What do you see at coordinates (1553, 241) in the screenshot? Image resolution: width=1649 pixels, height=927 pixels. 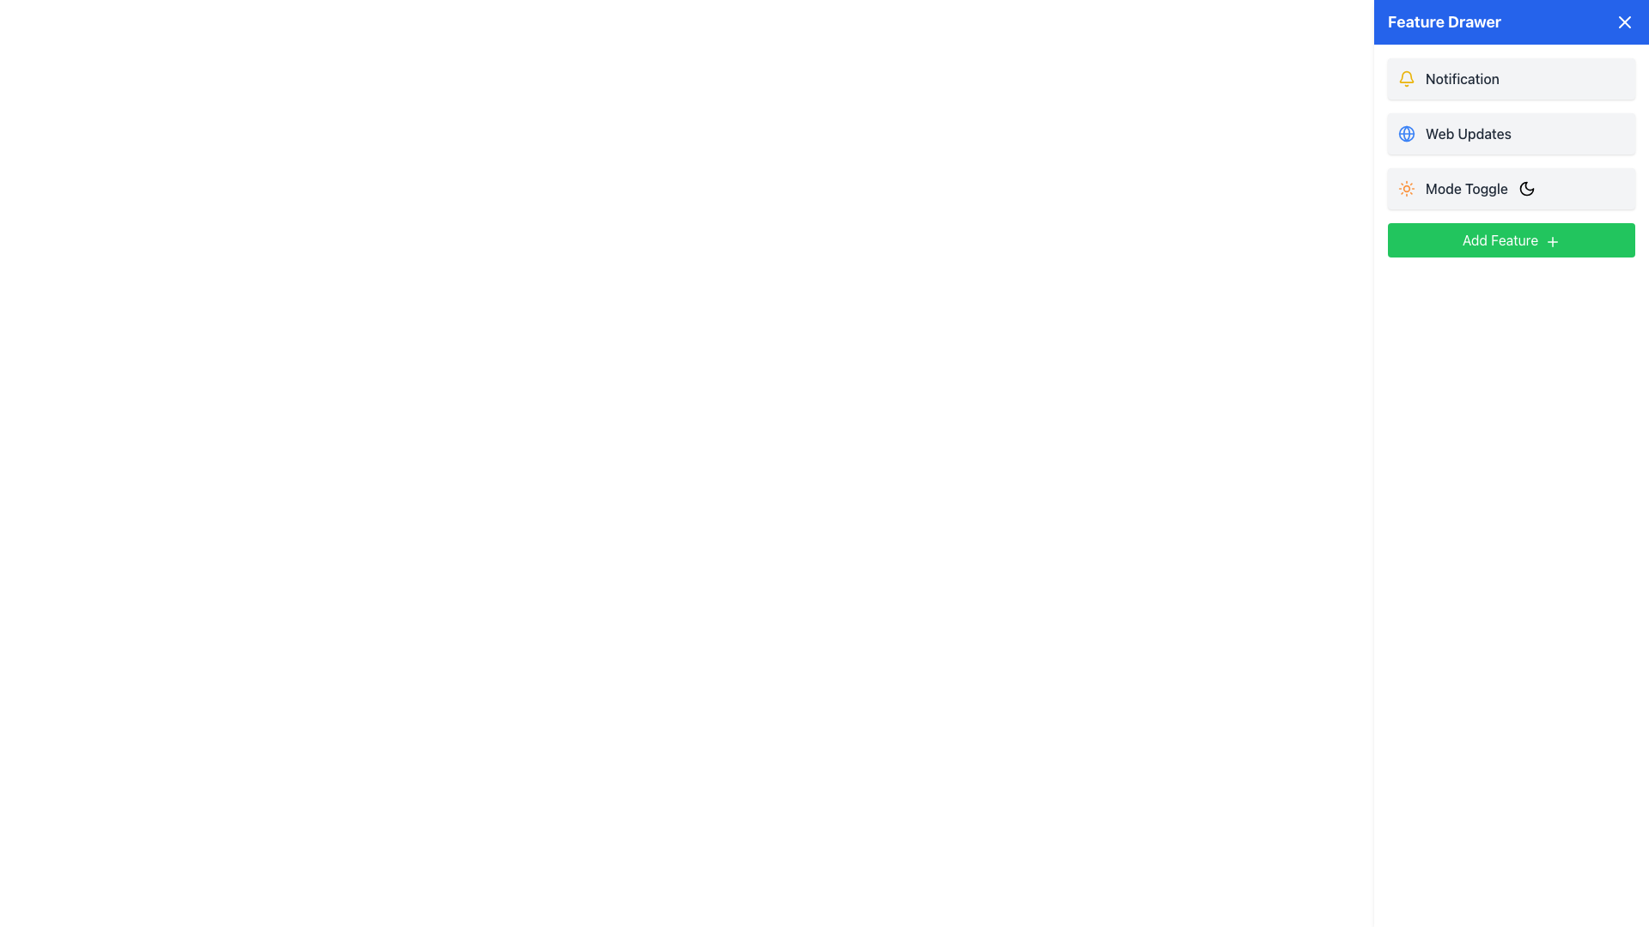 I see `the plus sign icon with a green background located at the right end of the 'Add Feature' button` at bounding box center [1553, 241].